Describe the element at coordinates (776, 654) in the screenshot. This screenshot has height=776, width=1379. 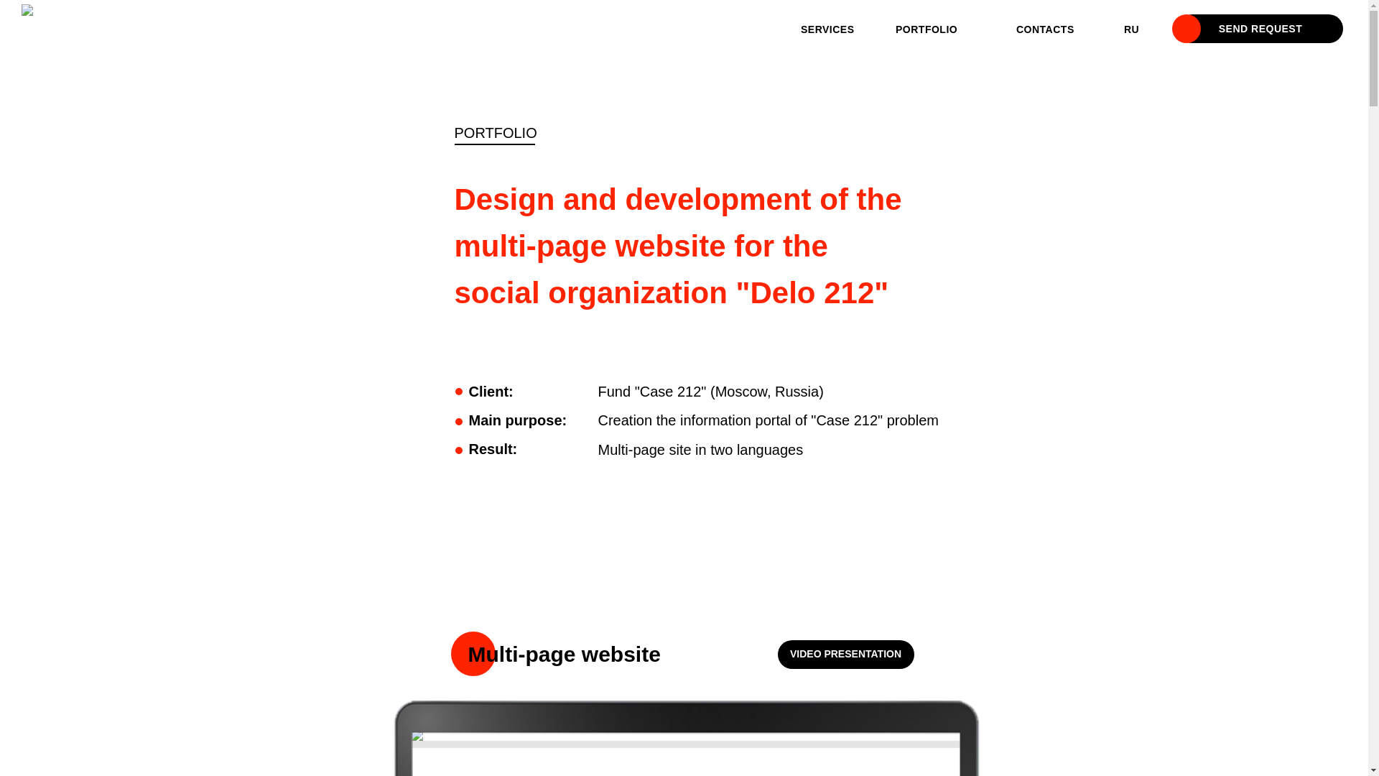
I see `'VIDEO PRESENTATION'` at that location.